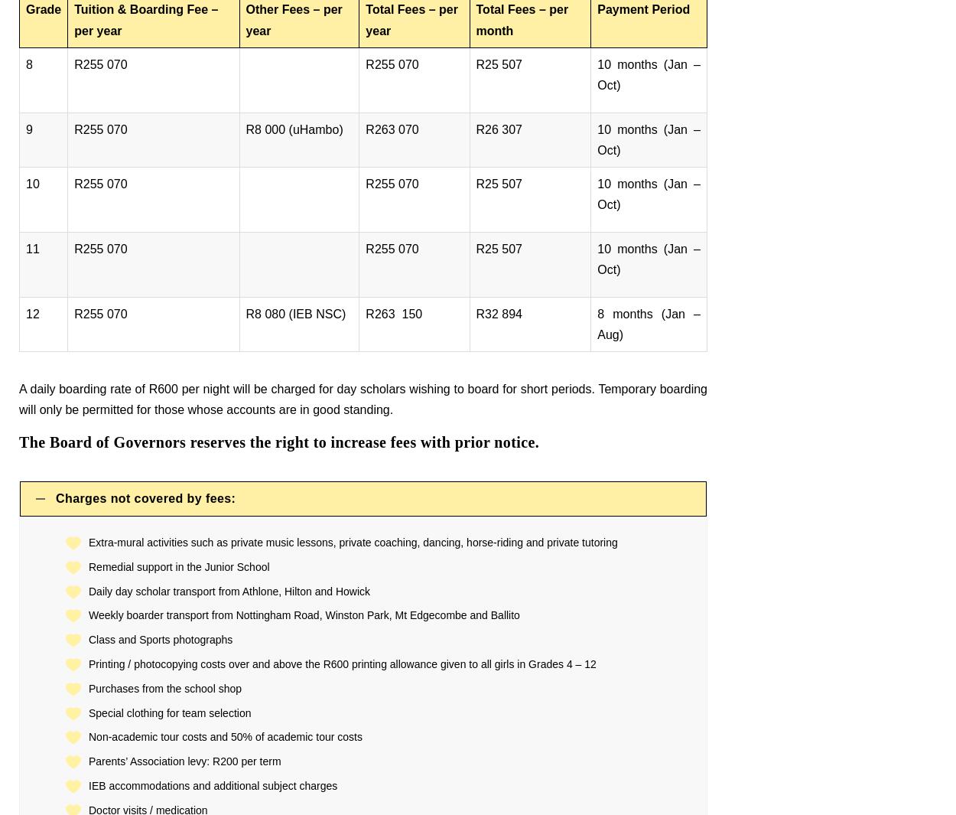  What do you see at coordinates (293, 18) in the screenshot?
I see `'Other Fees – per year'` at bounding box center [293, 18].